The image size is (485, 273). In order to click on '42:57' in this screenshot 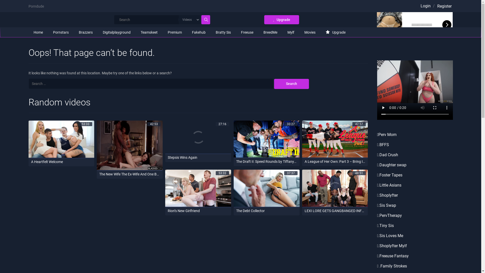, I will do `click(335, 139)`.